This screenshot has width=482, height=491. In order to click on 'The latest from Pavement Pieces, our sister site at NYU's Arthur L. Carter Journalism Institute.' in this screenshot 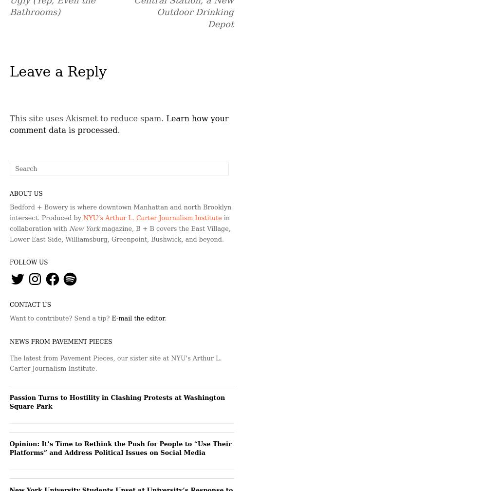, I will do `click(115, 363)`.